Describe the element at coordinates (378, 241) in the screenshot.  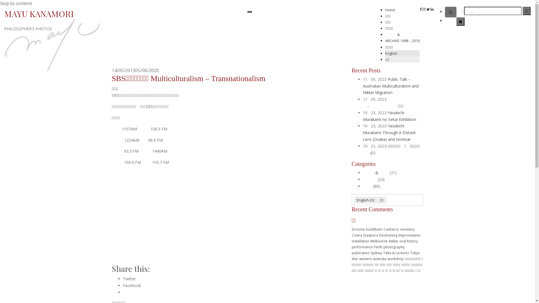
I see `'Melbourne'` at that location.